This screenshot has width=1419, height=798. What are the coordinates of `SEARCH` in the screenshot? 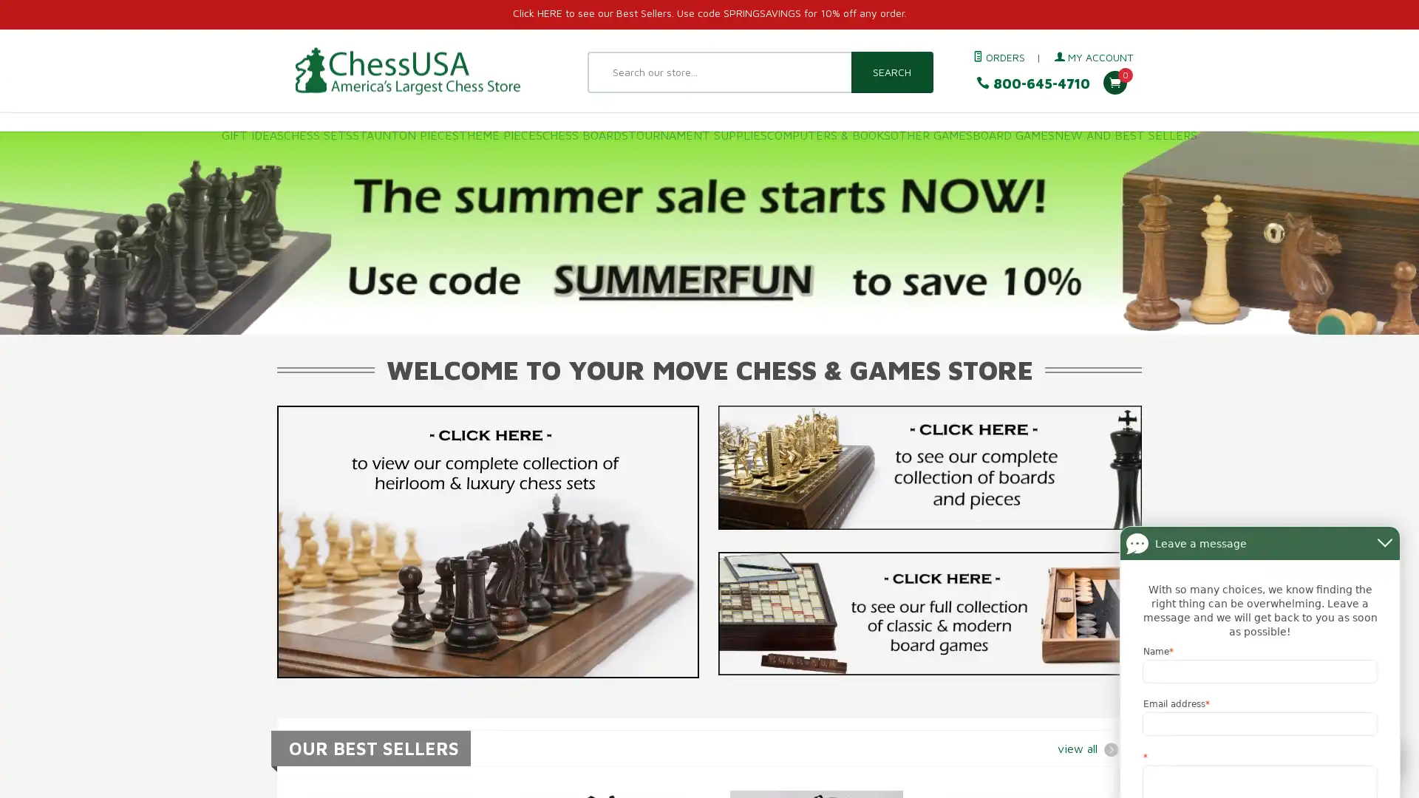 It's located at (891, 72).